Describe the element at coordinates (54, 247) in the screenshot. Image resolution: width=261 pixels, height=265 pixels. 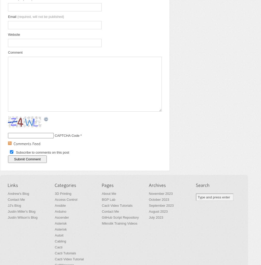
I see `'Cacti'` at that location.